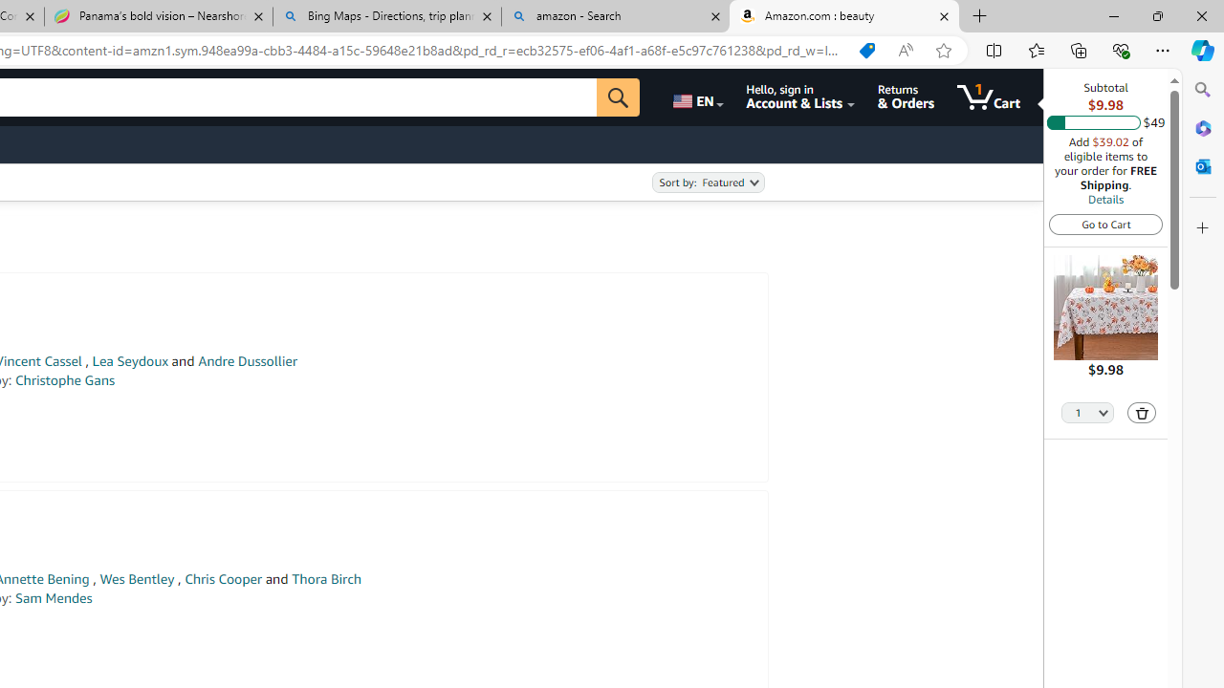  What do you see at coordinates (707, 183) in the screenshot?
I see `'Sort by:'` at bounding box center [707, 183].